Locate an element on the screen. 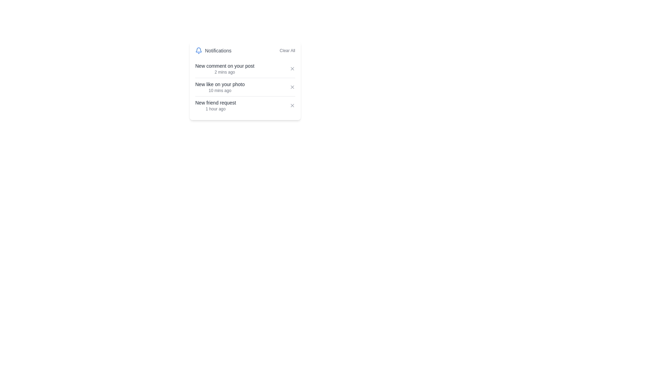 Image resolution: width=666 pixels, height=375 pixels. the notification text block that reads 'New friend request' located in the notification list is located at coordinates (215, 106).